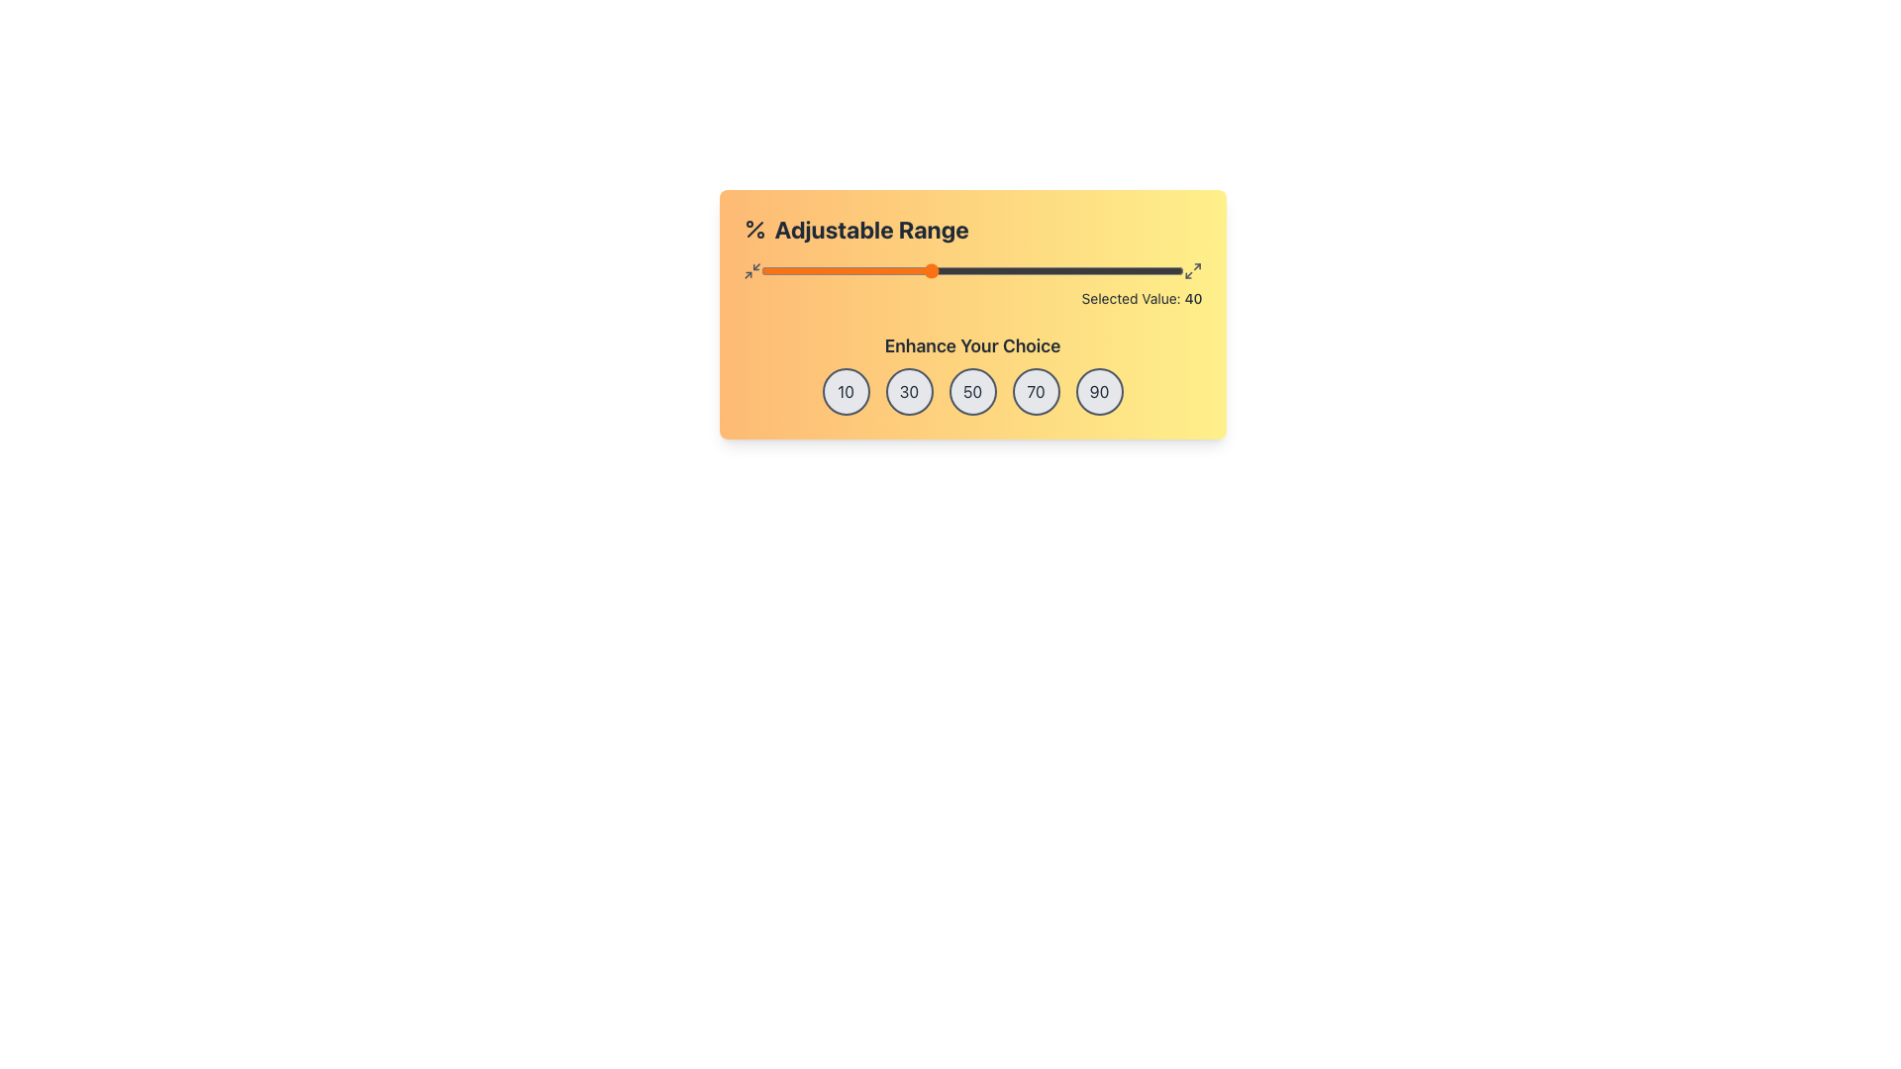 Image resolution: width=1901 pixels, height=1069 pixels. Describe the element at coordinates (866, 270) in the screenshot. I see `the percentage` at that location.